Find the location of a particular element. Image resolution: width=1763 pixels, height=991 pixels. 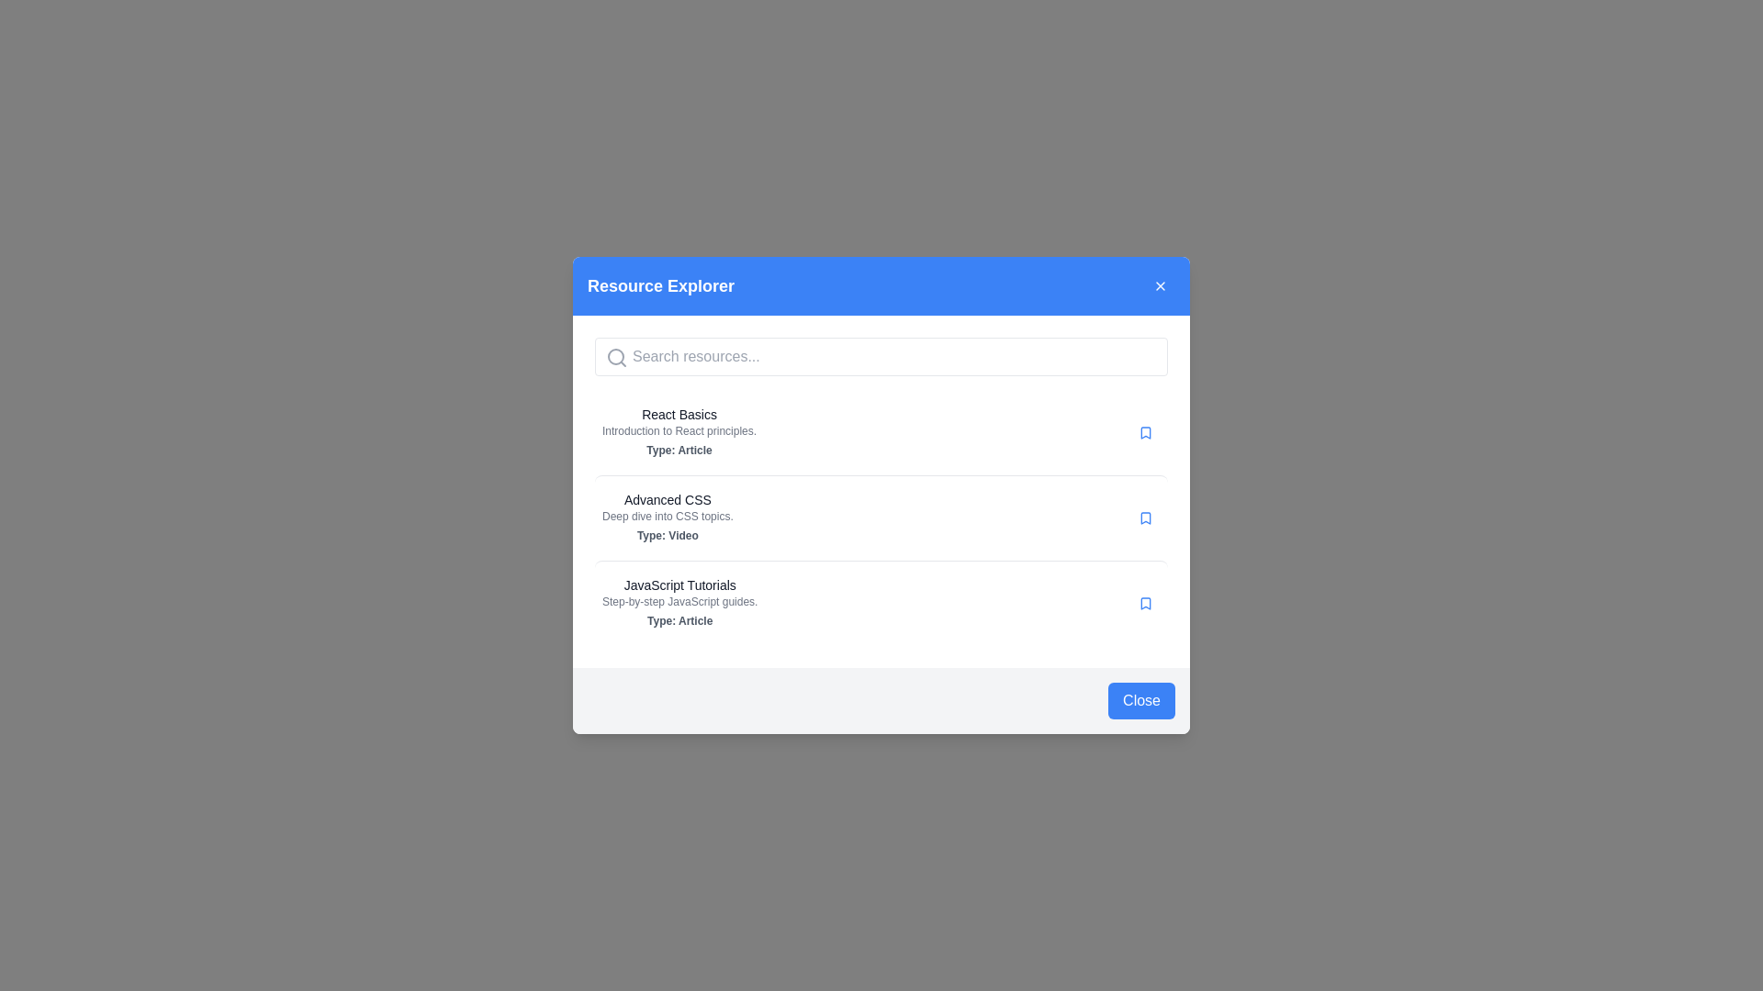

the text label displaying 'Advanced CSS', which is a bold, medium gray text positioned above the description 'Deep dive into CSS topics.' is located at coordinates (667, 499).